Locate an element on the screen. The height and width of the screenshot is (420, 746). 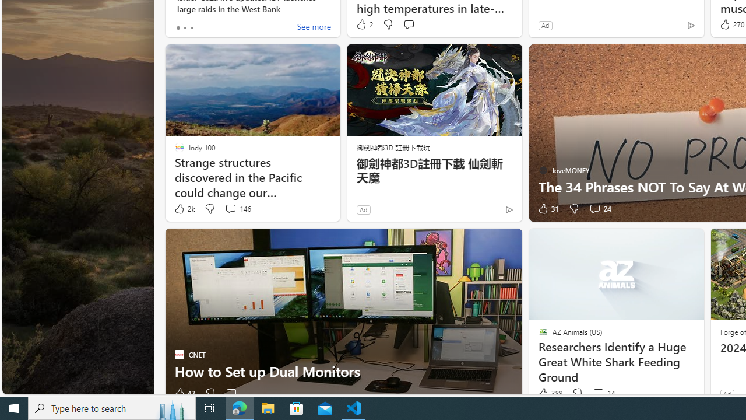
'View comments 24 Comment' is located at coordinates (600, 208).